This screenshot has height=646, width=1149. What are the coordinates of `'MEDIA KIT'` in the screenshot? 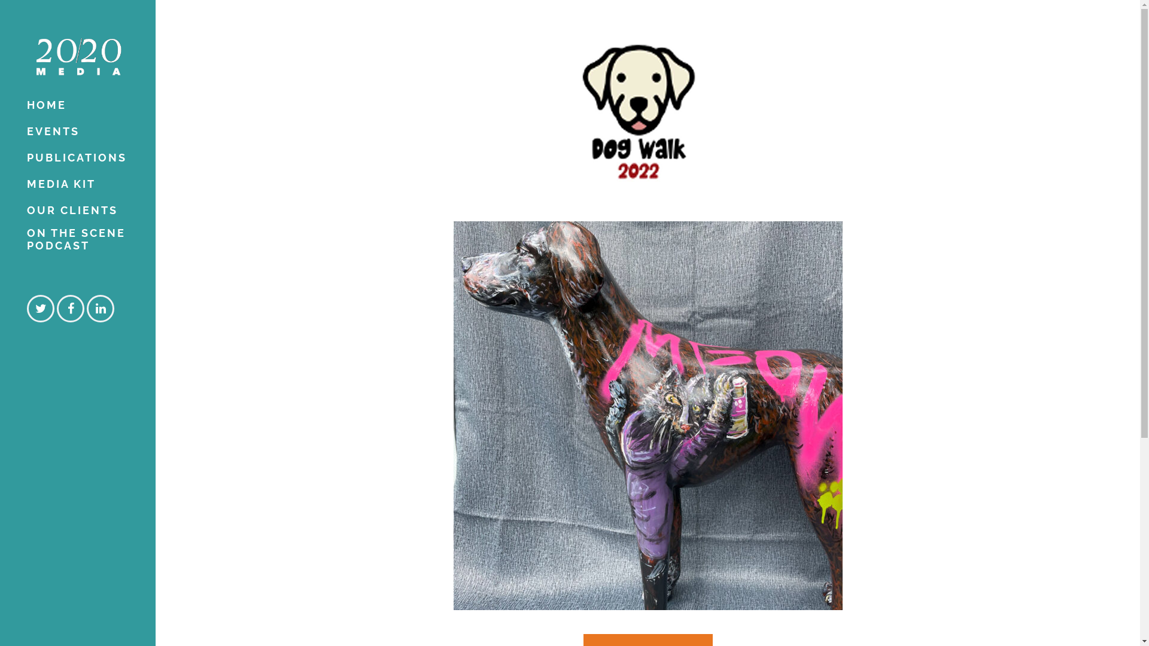 It's located at (77, 184).